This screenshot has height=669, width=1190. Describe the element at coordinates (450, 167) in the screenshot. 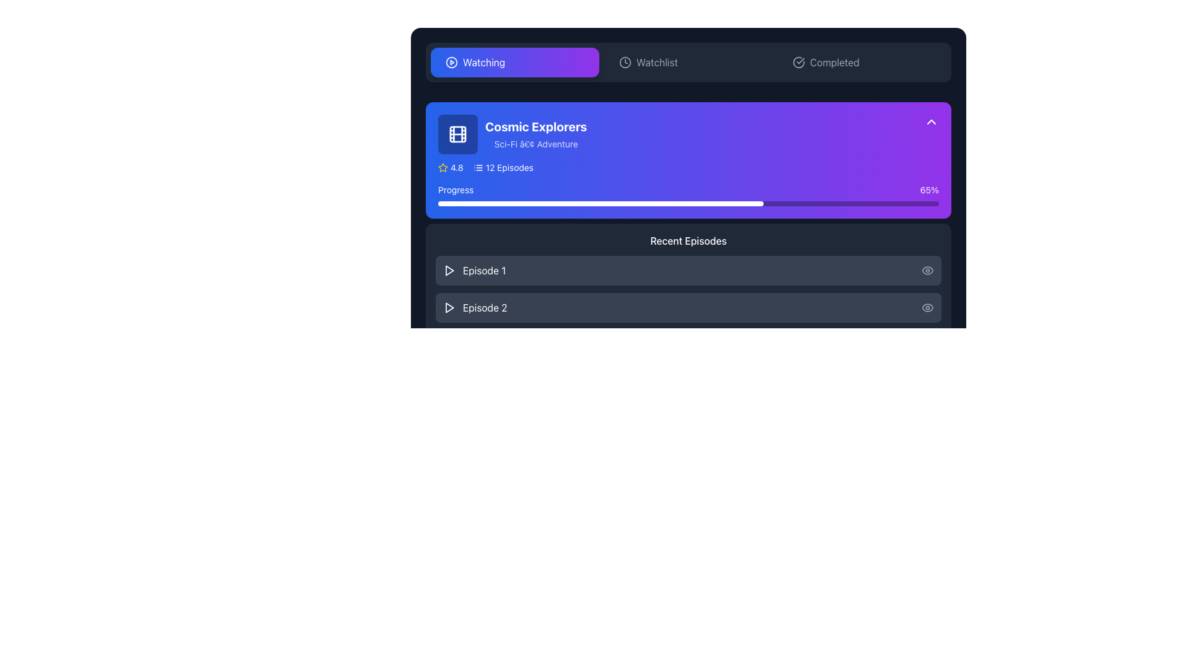

I see `rating value displayed as '4.8' next to the star icon in the blue background area of the 'Cosmic Explorers' card` at that location.